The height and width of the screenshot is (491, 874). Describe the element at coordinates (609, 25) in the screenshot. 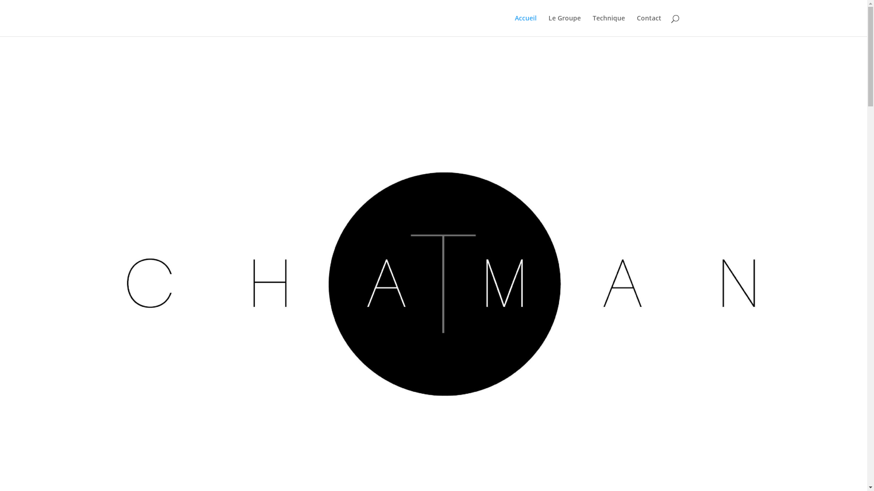

I see `'Technique'` at that location.